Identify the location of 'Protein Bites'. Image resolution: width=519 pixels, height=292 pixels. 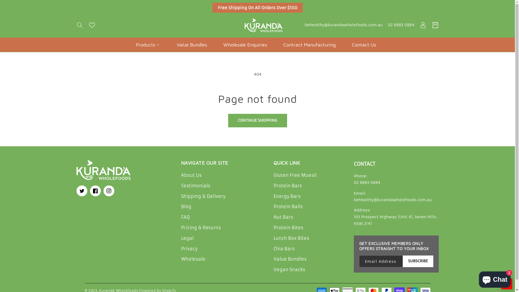
(288, 228).